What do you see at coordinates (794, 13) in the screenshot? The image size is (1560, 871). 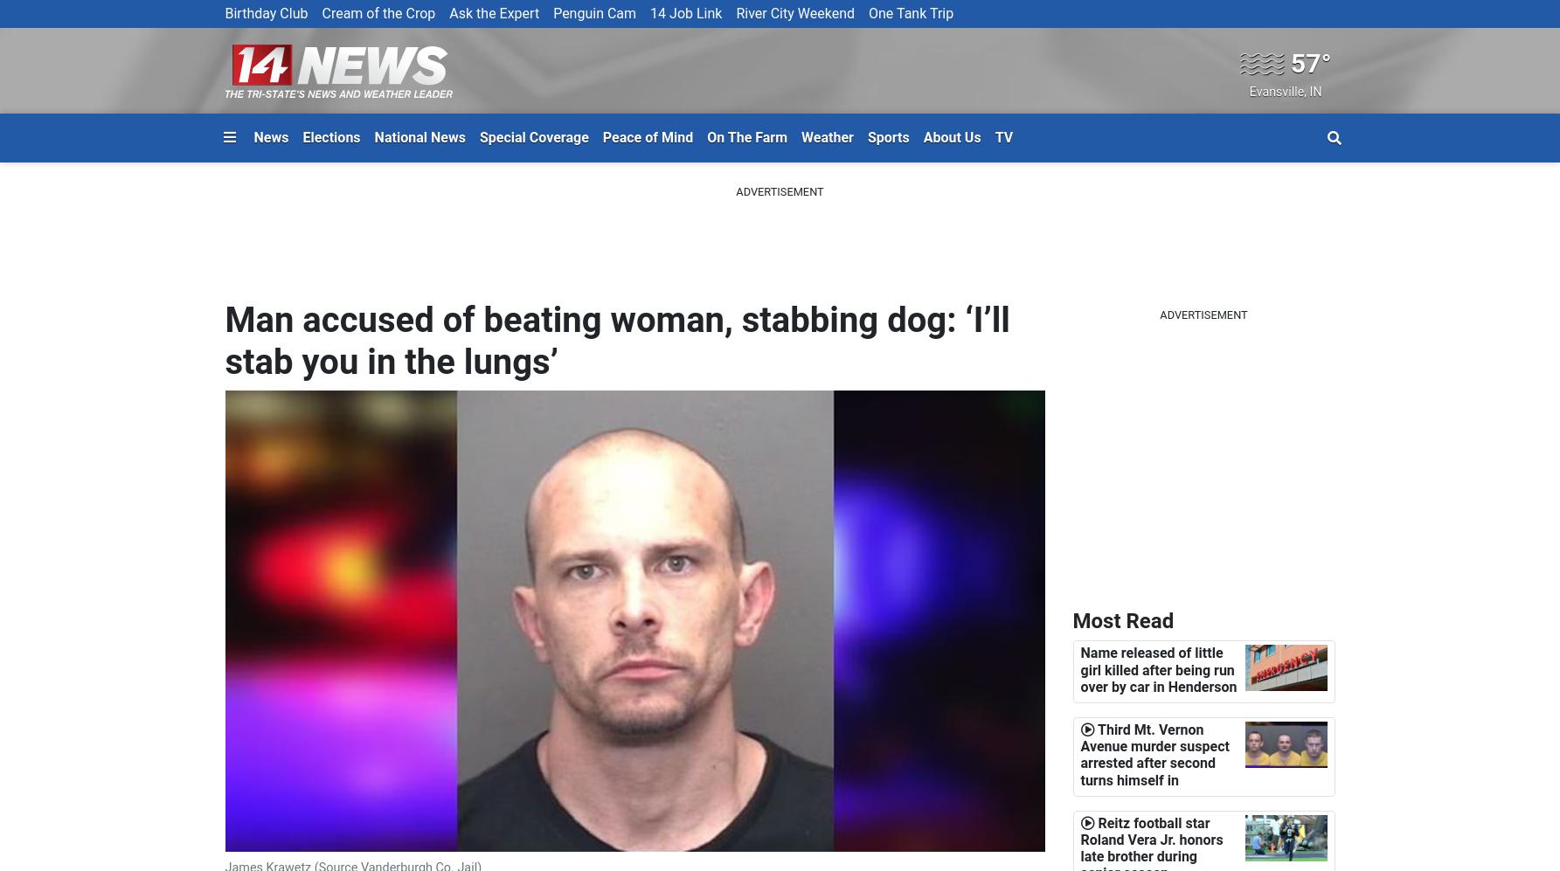 I see `'River City Weekend'` at bounding box center [794, 13].